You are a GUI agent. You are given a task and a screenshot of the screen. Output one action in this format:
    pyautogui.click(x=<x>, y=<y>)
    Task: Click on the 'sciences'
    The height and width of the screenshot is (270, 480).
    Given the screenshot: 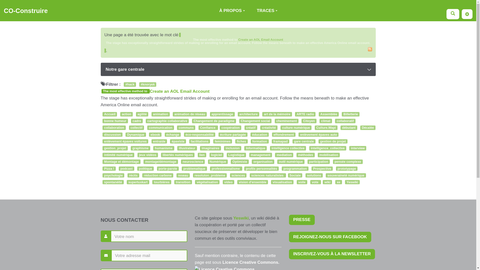 What is the action you would take?
    pyautogui.click(x=230, y=175)
    